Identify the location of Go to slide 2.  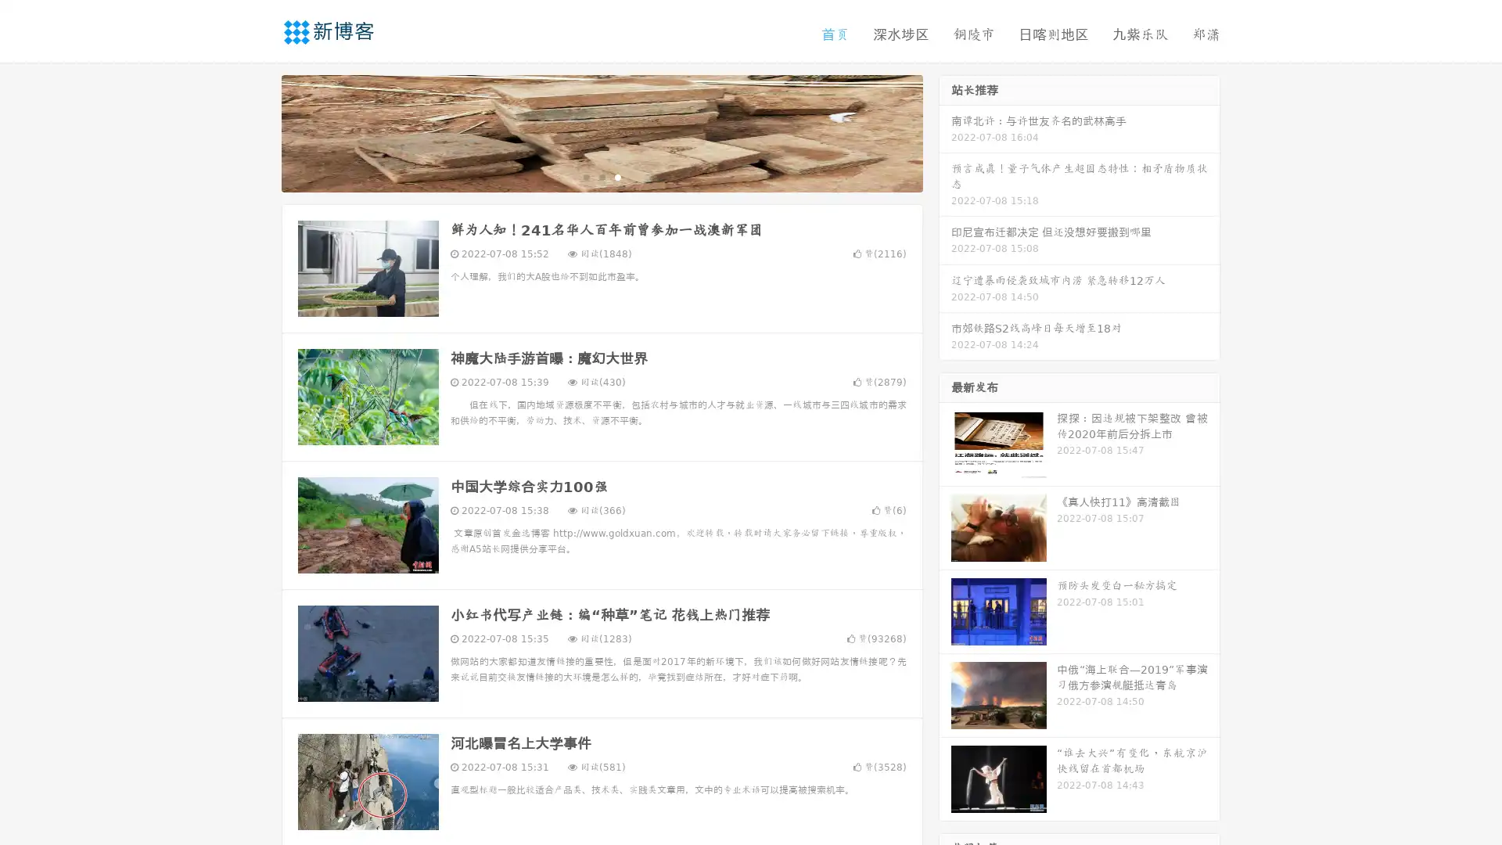
(601, 176).